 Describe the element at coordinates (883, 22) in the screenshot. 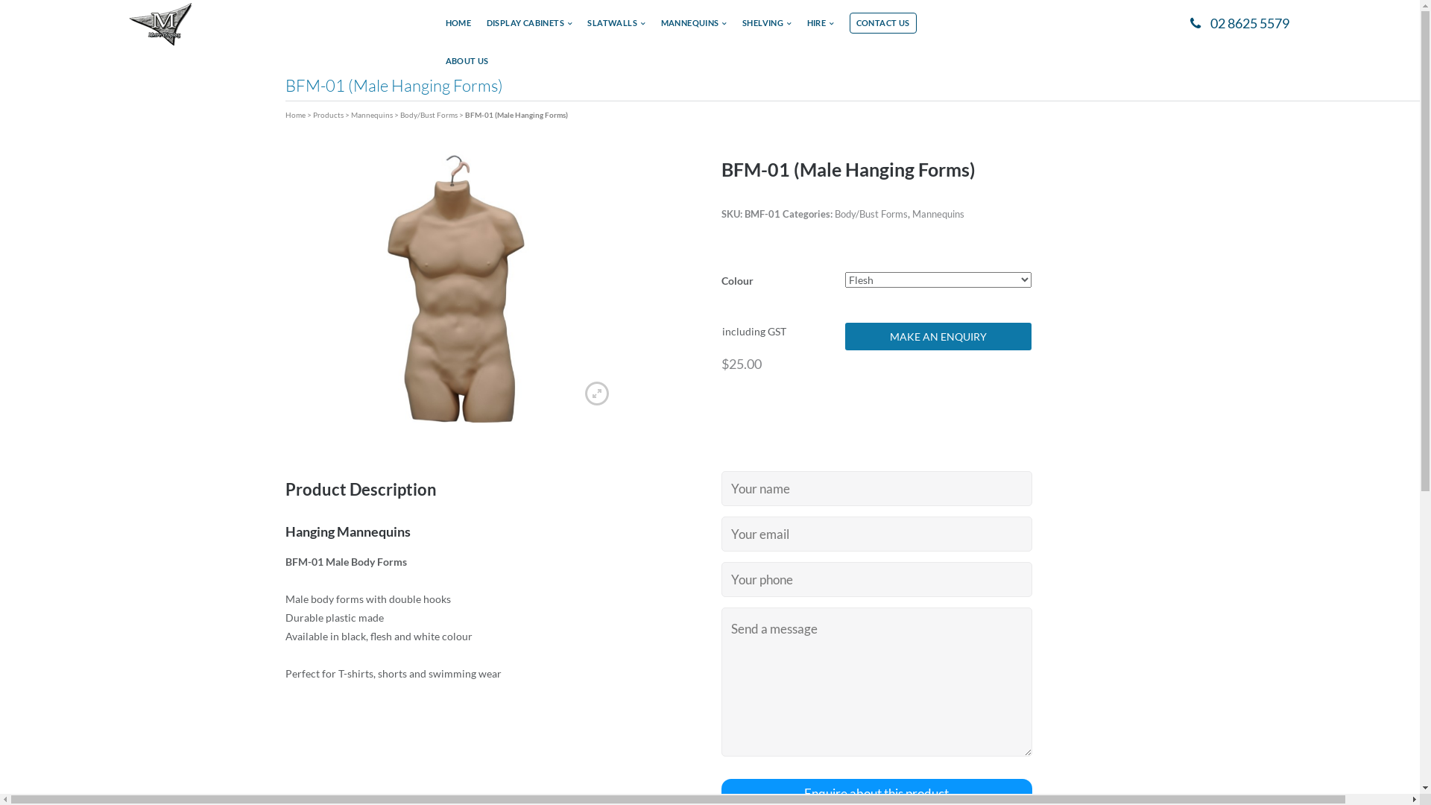

I see `'CONTACT US'` at that location.